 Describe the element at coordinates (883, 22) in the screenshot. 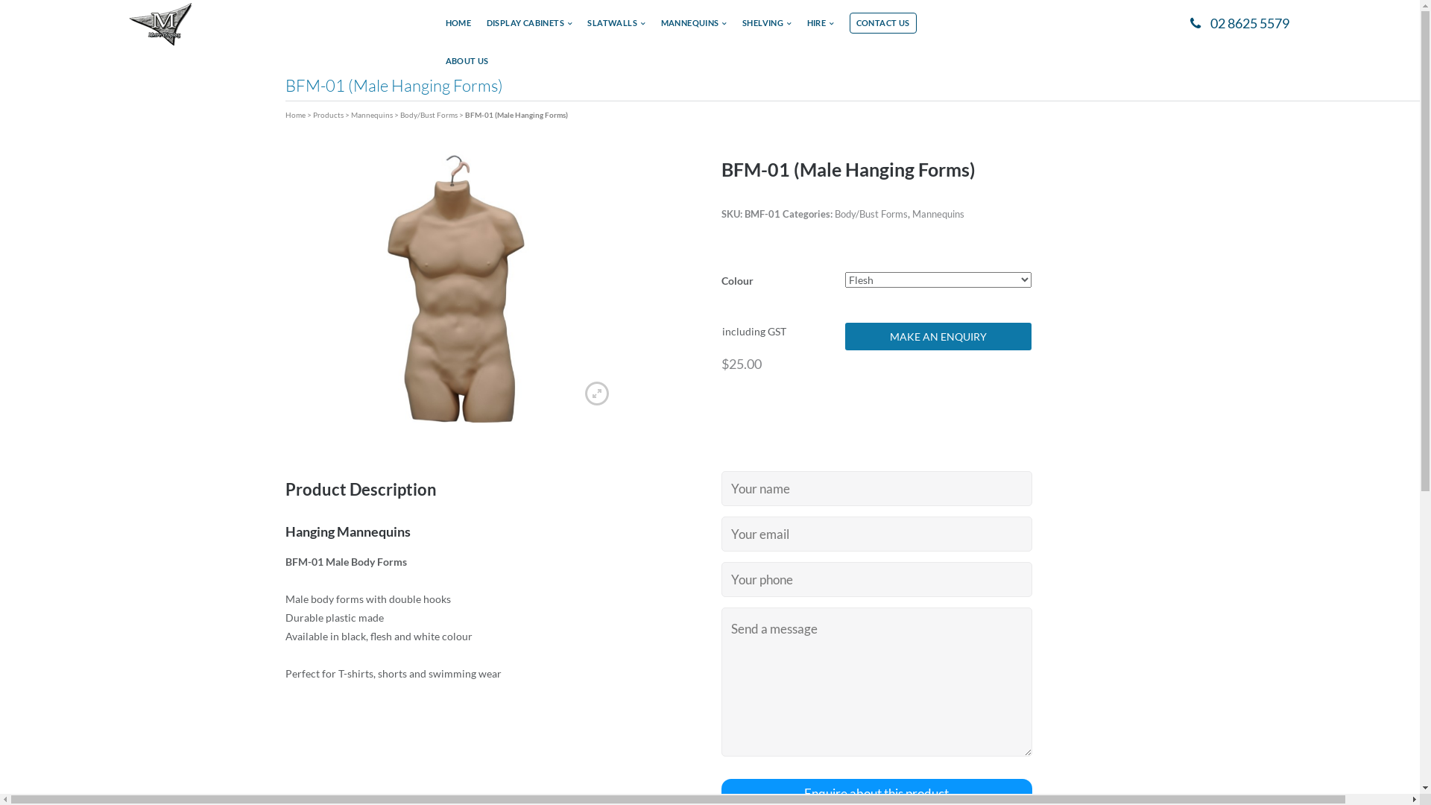

I see `'CONTACT US'` at that location.